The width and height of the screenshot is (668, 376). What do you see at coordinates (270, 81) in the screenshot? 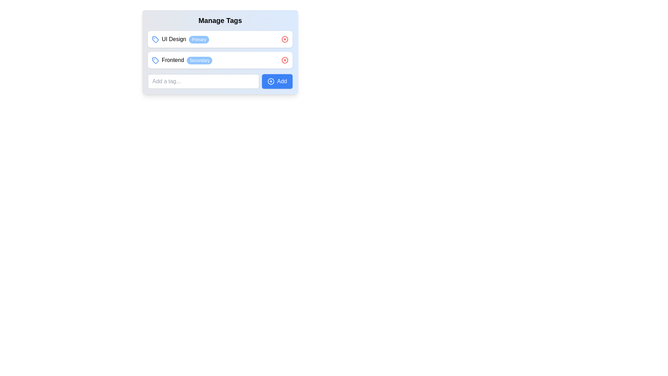
I see `the blue button labeled 'Add' which contains a circular icon with a plus sign, located at the bottom-right of the 'Manage Tags' component` at bounding box center [270, 81].